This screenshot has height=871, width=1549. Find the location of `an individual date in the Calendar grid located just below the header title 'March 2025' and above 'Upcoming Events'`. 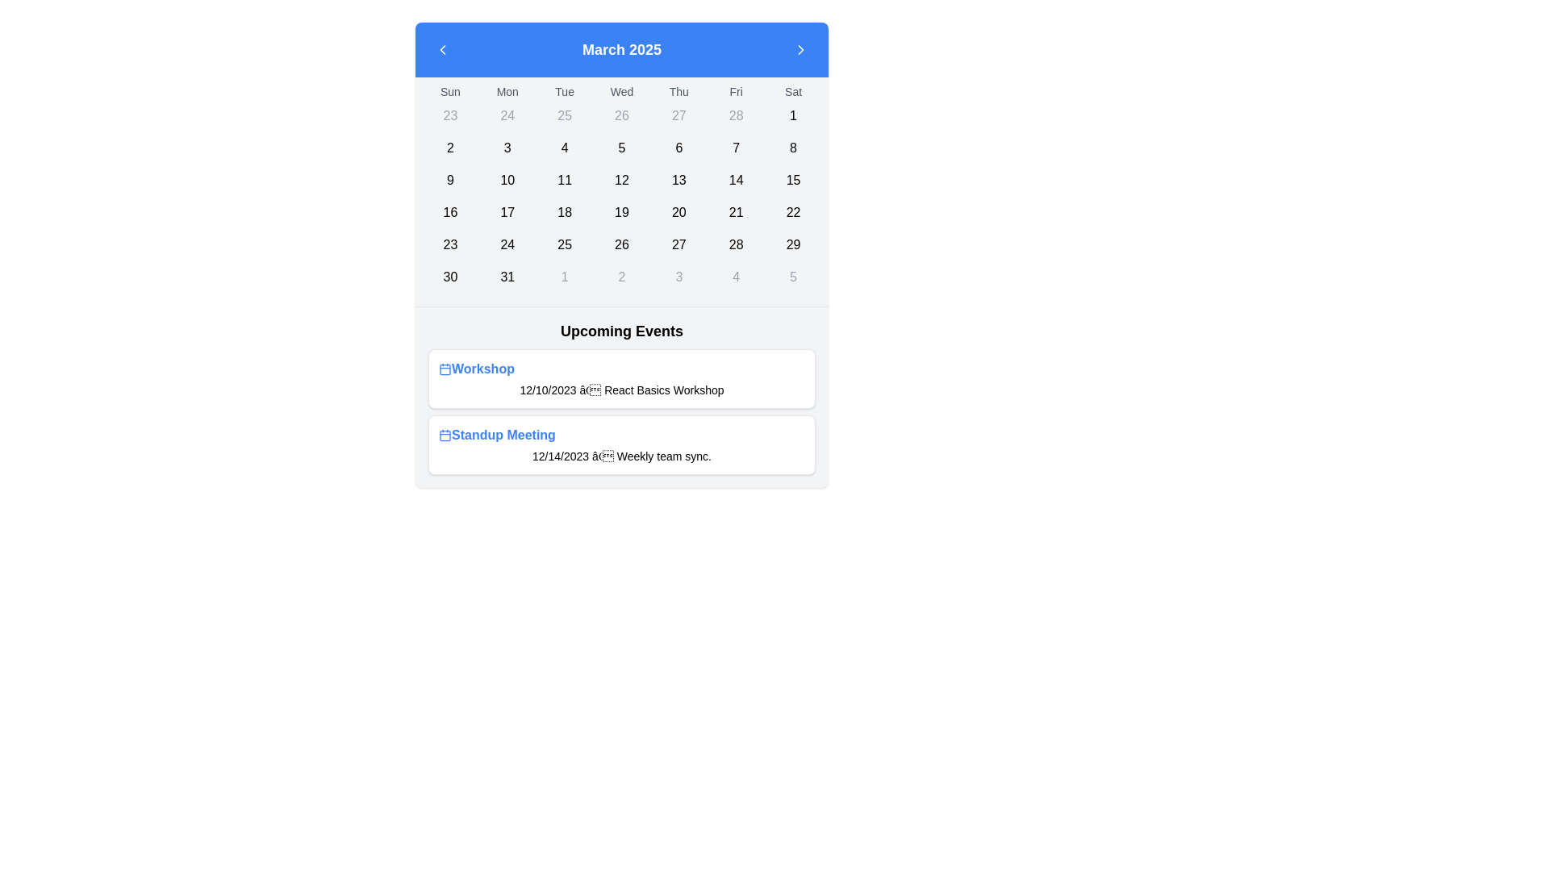

an individual date in the Calendar grid located just below the header title 'March 2025' and above 'Upcoming Events' is located at coordinates (621, 188).